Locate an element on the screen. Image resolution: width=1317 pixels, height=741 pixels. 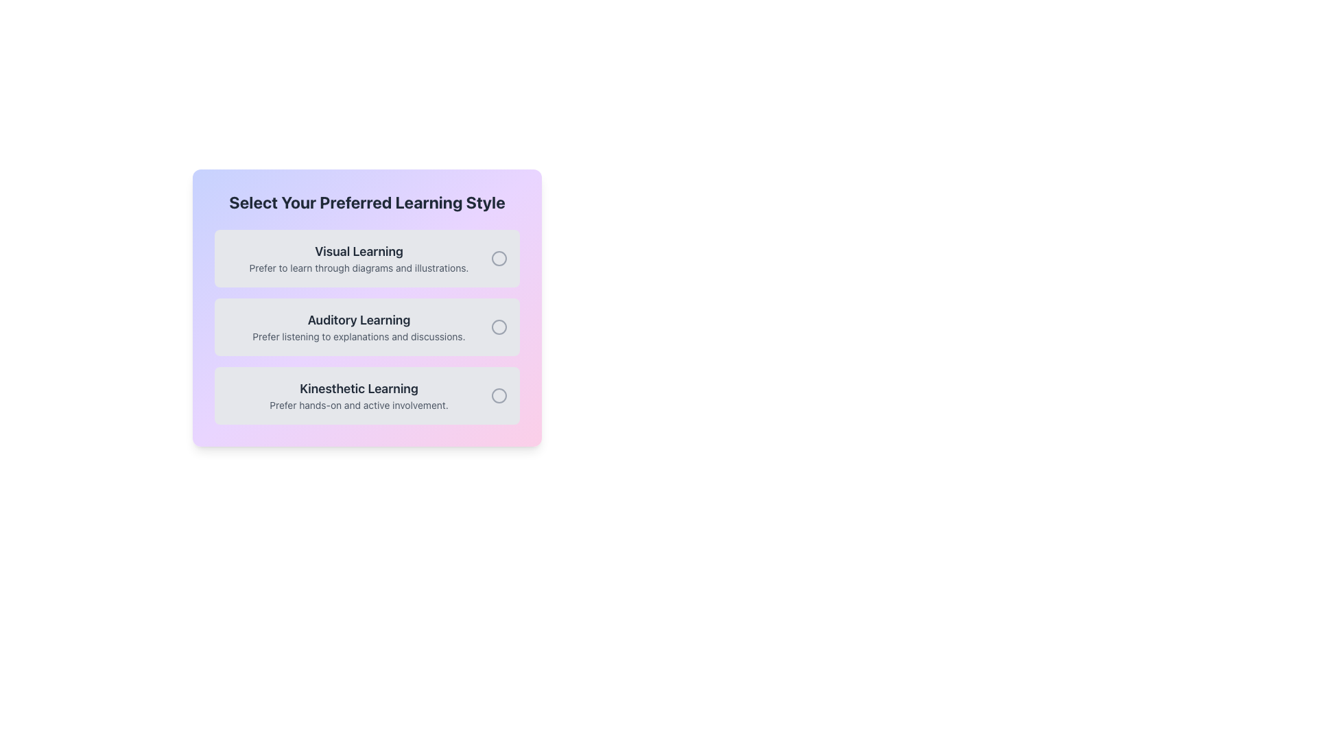
the third option in the list titled 'Select Your Preferred Learning Style' which represents a hands-on and interactive learning style is located at coordinates (359, 396).